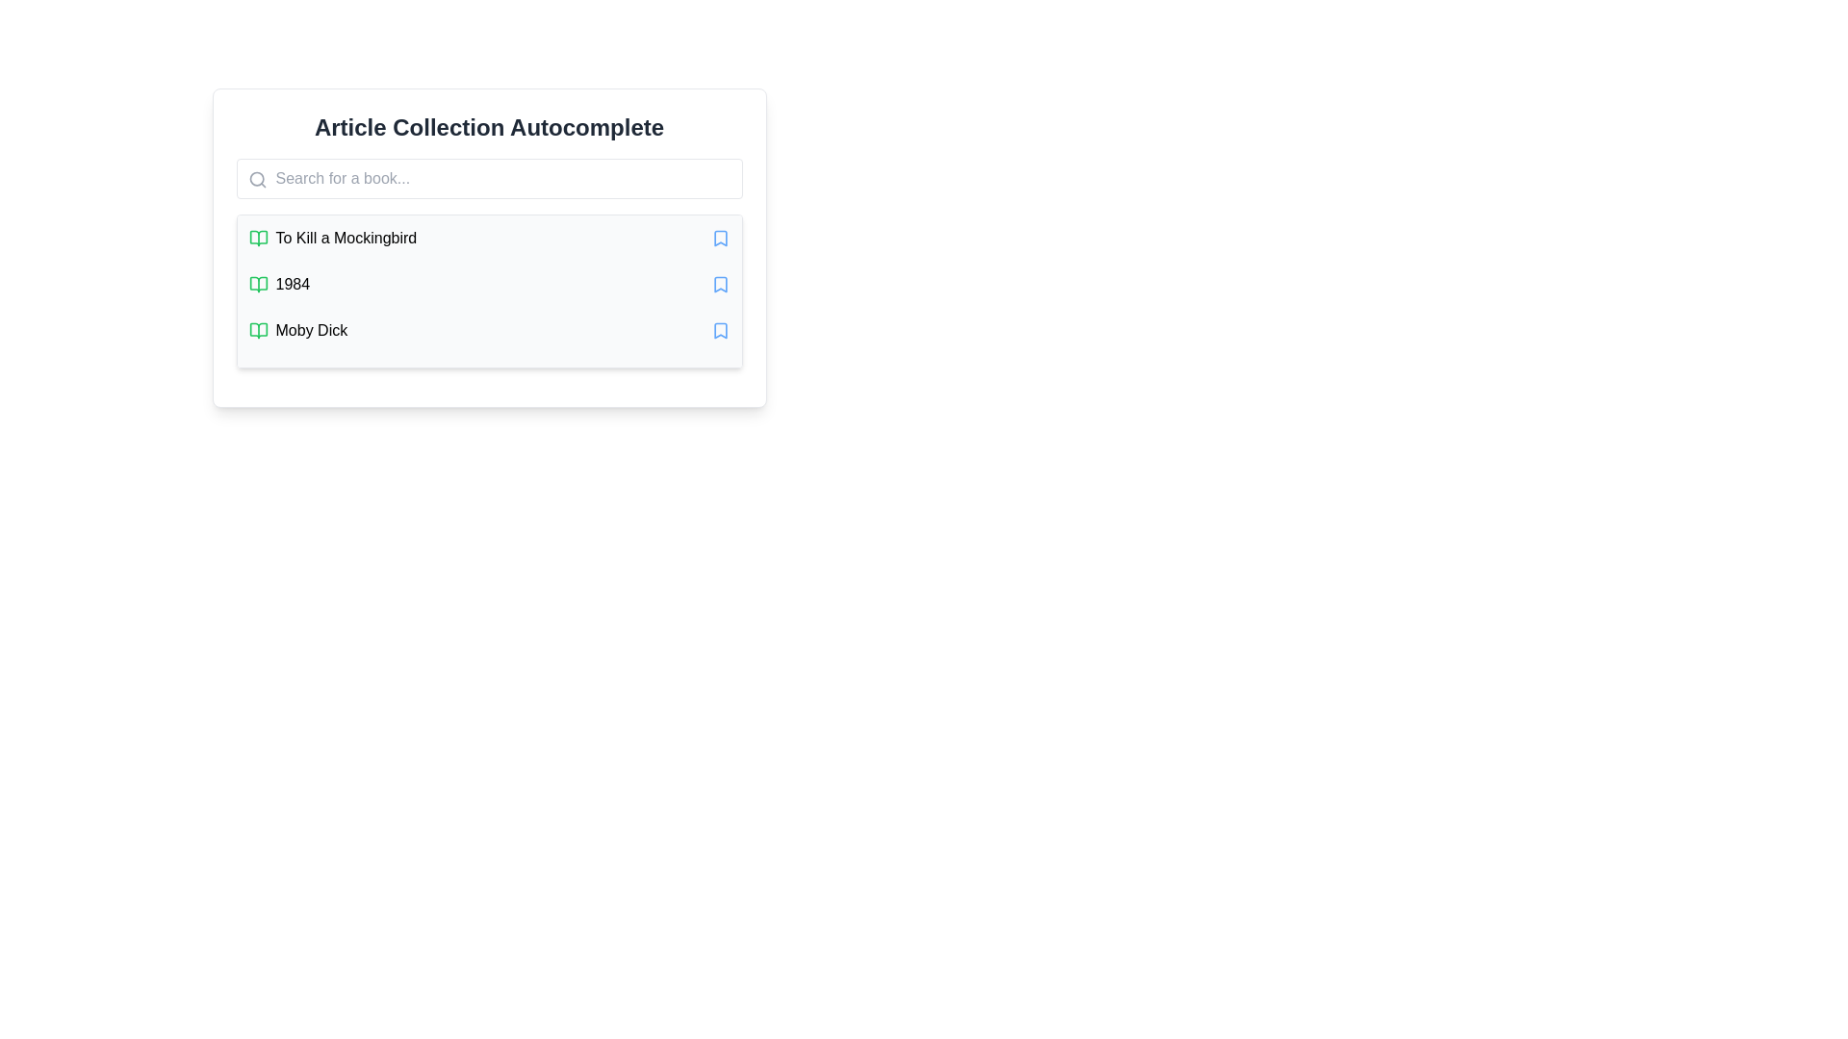 This screenshot has width=1848, height=1039. I want to click on the book icon located to the immediate left of the text label 'To Kill a Mockingbird' in the first entry of the 'Article Collection Autocomplete' list, so click(257, 237).